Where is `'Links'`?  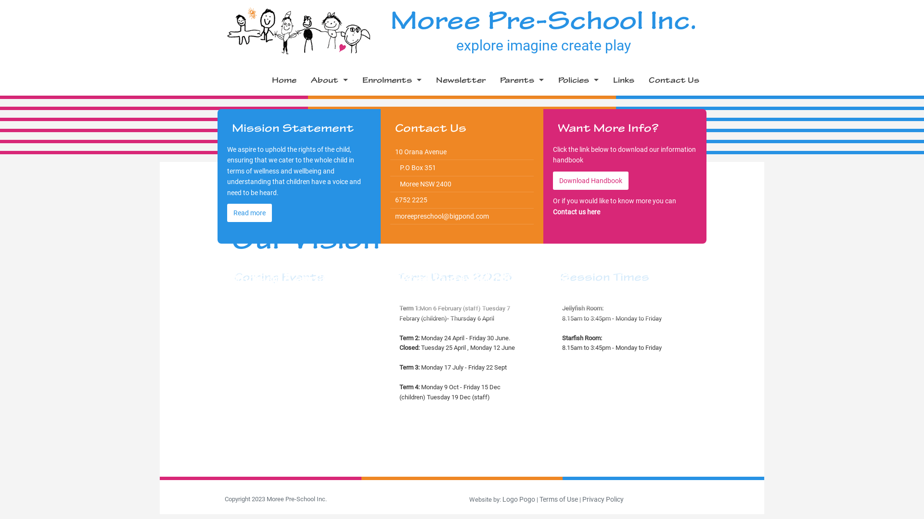 'Links' is located at coordinates (624, 79).